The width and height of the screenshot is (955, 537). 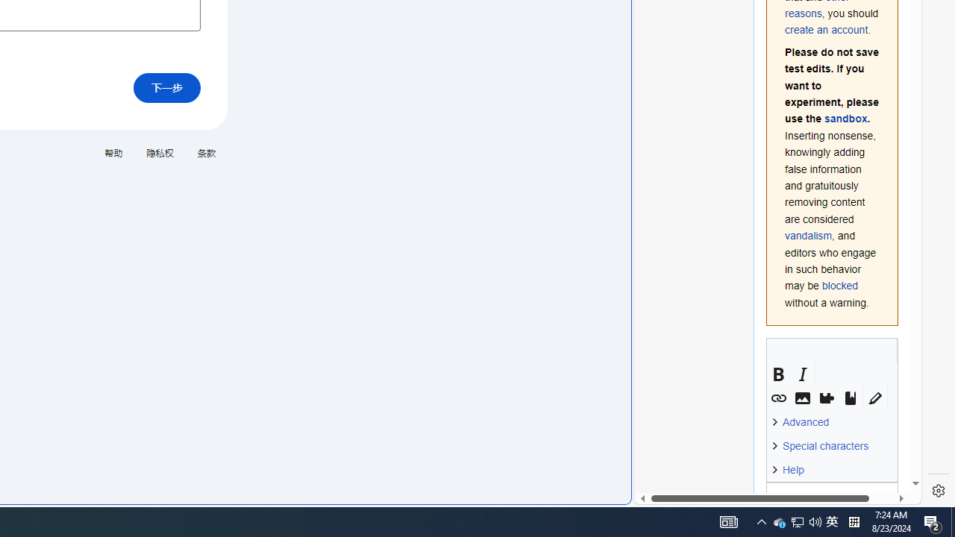 I want to click on 'Insert a template', so click(x=825, y=398).